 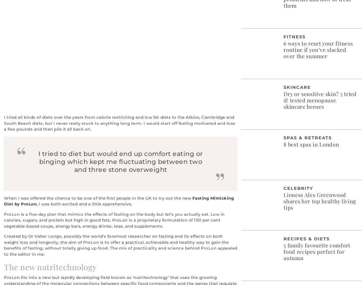 I want to click on 'The new nutritechnology', so click(x=4, y=266).